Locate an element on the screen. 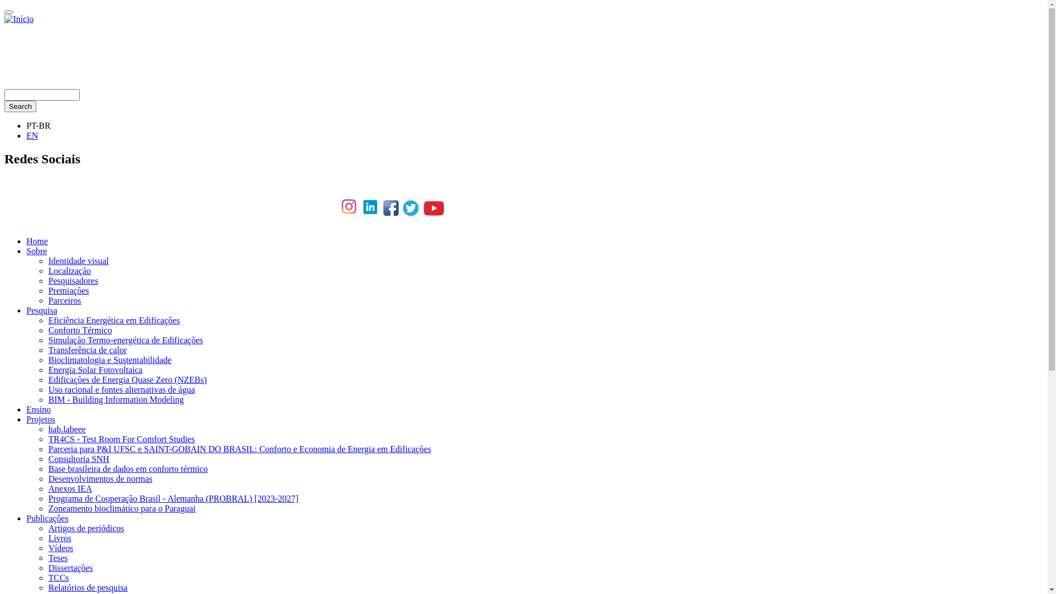 The height and width of the screenshot is (594, 1056). 'Livros' is located at coordinates (59, 537).